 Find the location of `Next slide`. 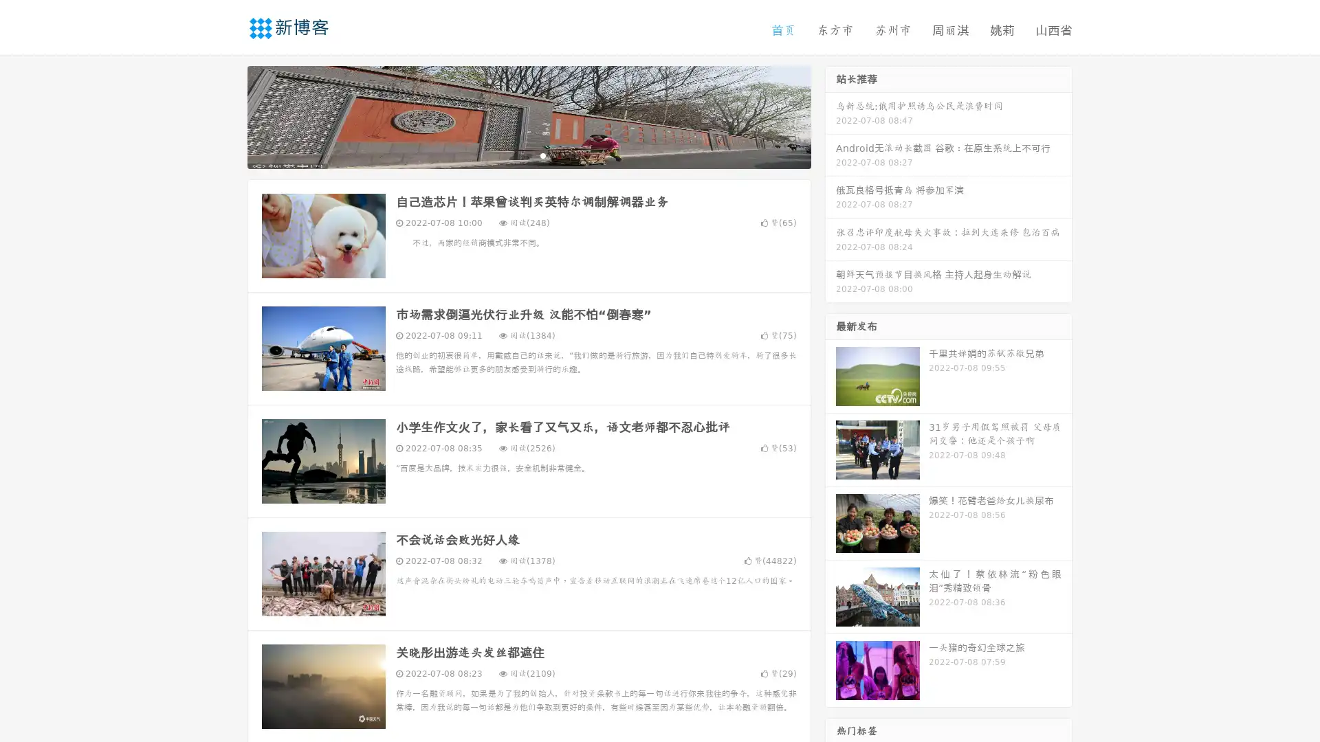

Next slide is located at coordinates (830, 115).